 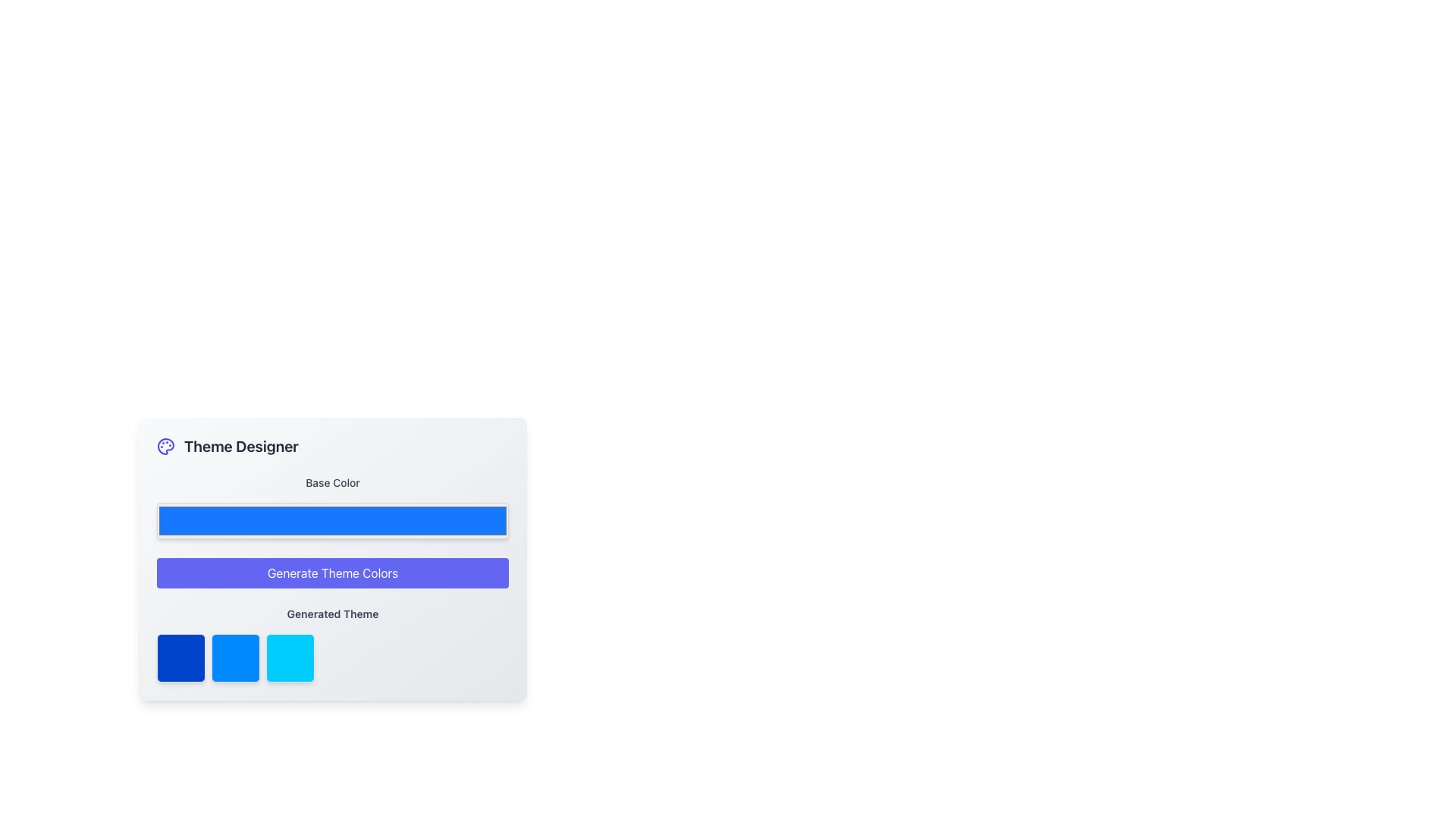 I want to click on the indigo button labeled 'Generate Theme Colors', so click(x=331, y=559).